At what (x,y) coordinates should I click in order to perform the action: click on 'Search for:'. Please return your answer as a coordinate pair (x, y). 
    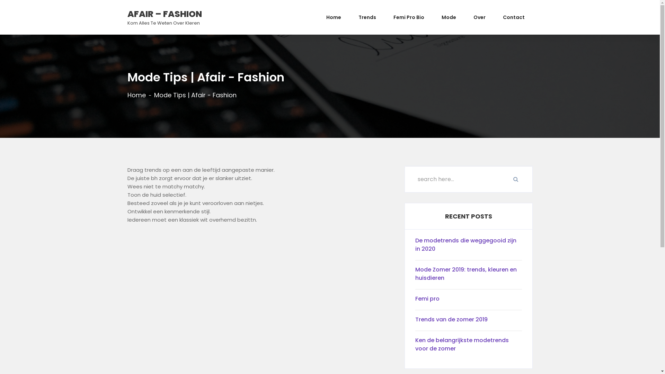
    Looking at the image, I should click on (468, 179).